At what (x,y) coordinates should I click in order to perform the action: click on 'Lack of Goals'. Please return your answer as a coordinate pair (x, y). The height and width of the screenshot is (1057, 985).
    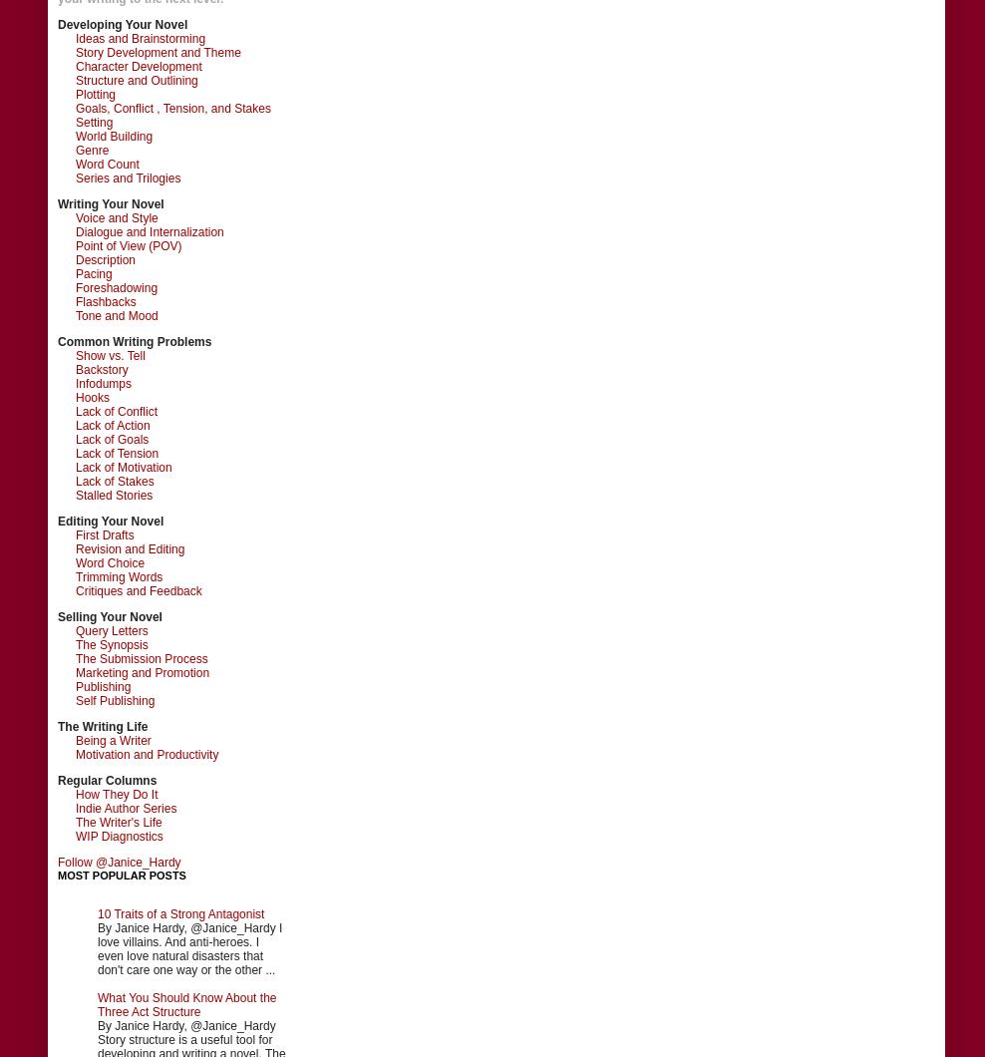
    Looking at the image, I should click on (75, 438).